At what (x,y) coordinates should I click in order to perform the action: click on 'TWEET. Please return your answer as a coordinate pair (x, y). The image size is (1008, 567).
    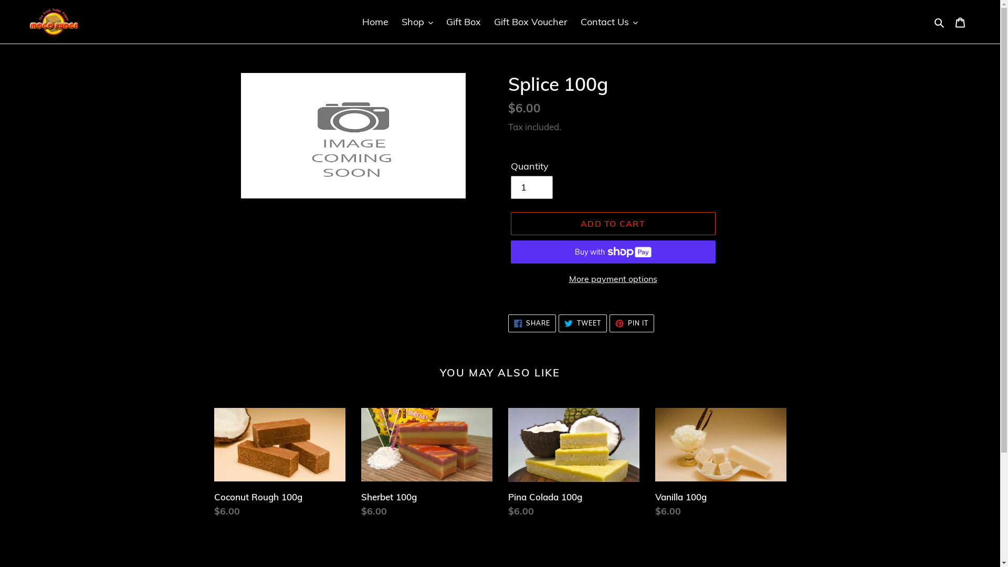
    Looking at the image, I should click on (582, 323).